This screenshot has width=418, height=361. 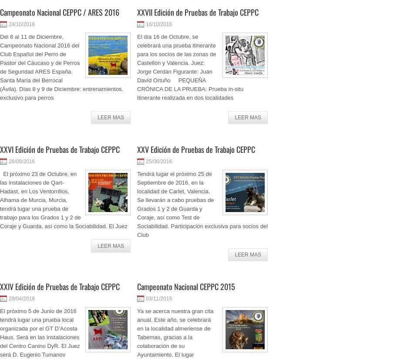 I want to click on 'XXVII Edición de Pruebas de Trabajo CEPPC', so click(x=137, y=12).